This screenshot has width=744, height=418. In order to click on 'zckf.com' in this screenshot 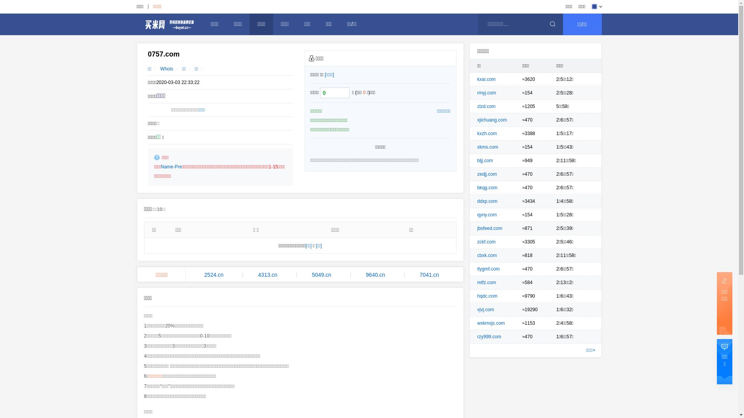, I will do `click(486, 241)`.